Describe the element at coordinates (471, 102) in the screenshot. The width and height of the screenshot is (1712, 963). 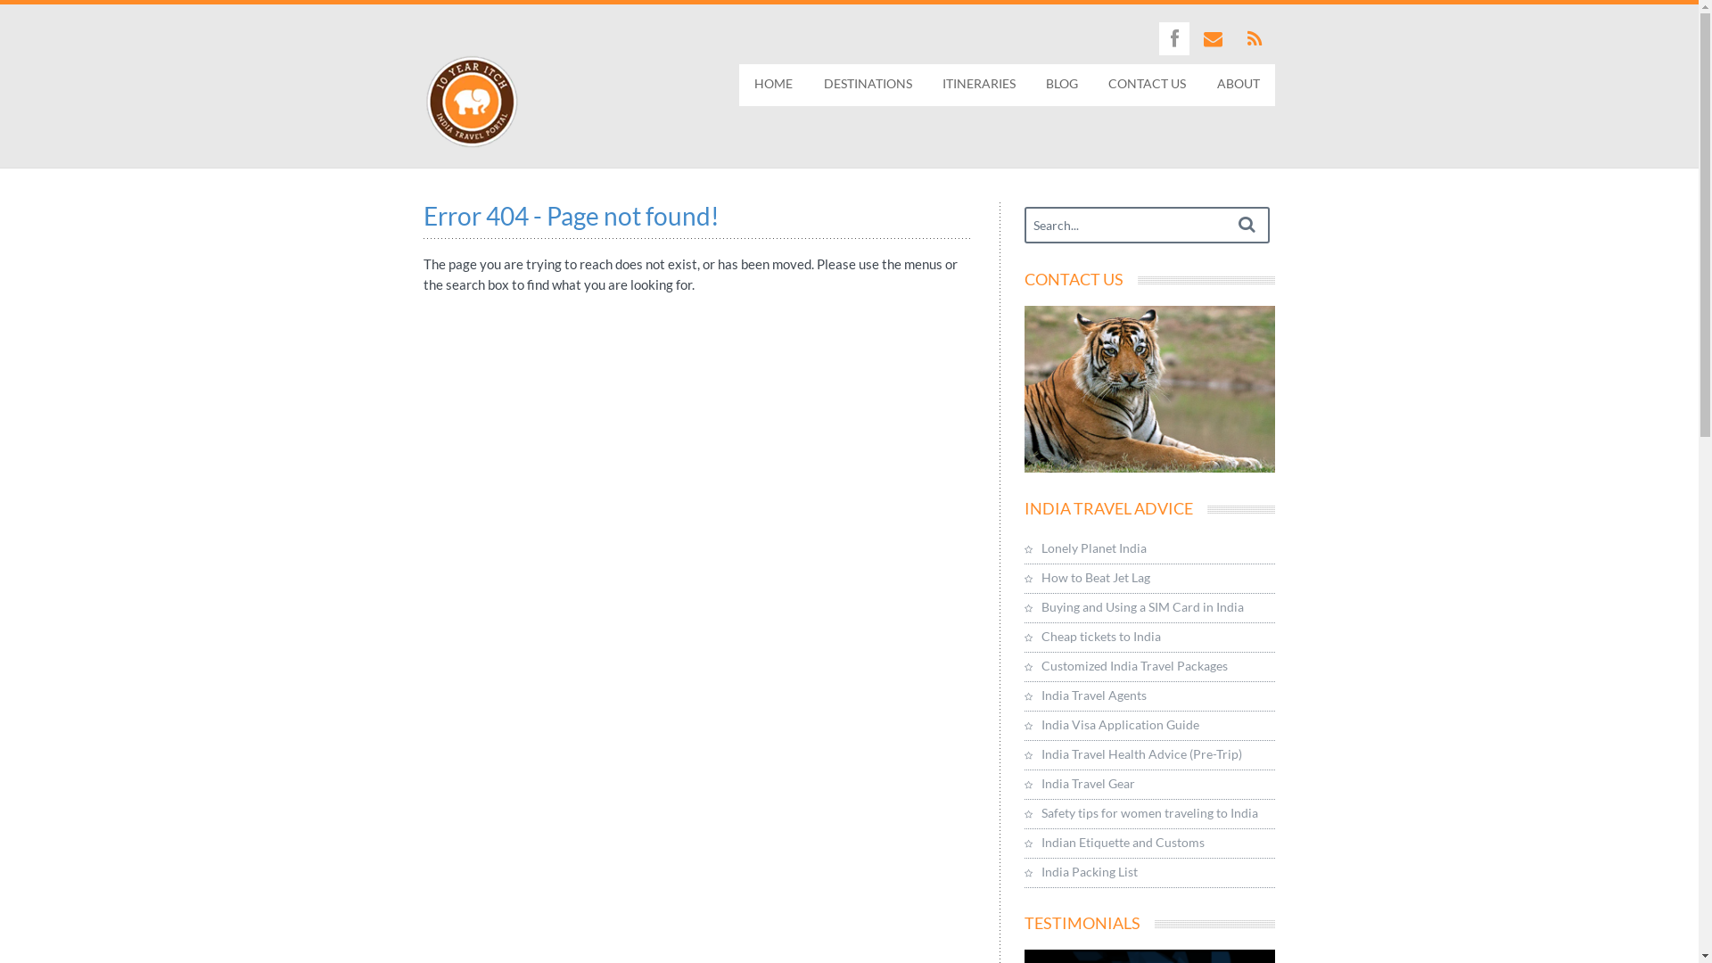
I see `'10 Year Itch : India Travel Portal'` at that location.